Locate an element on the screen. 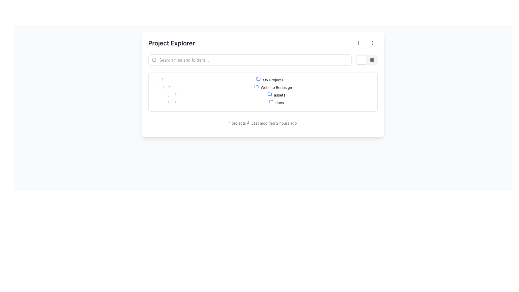  the Grid Cell Icon in the top-left position of the grid layout for additional information is located at coordinates (372, 60).